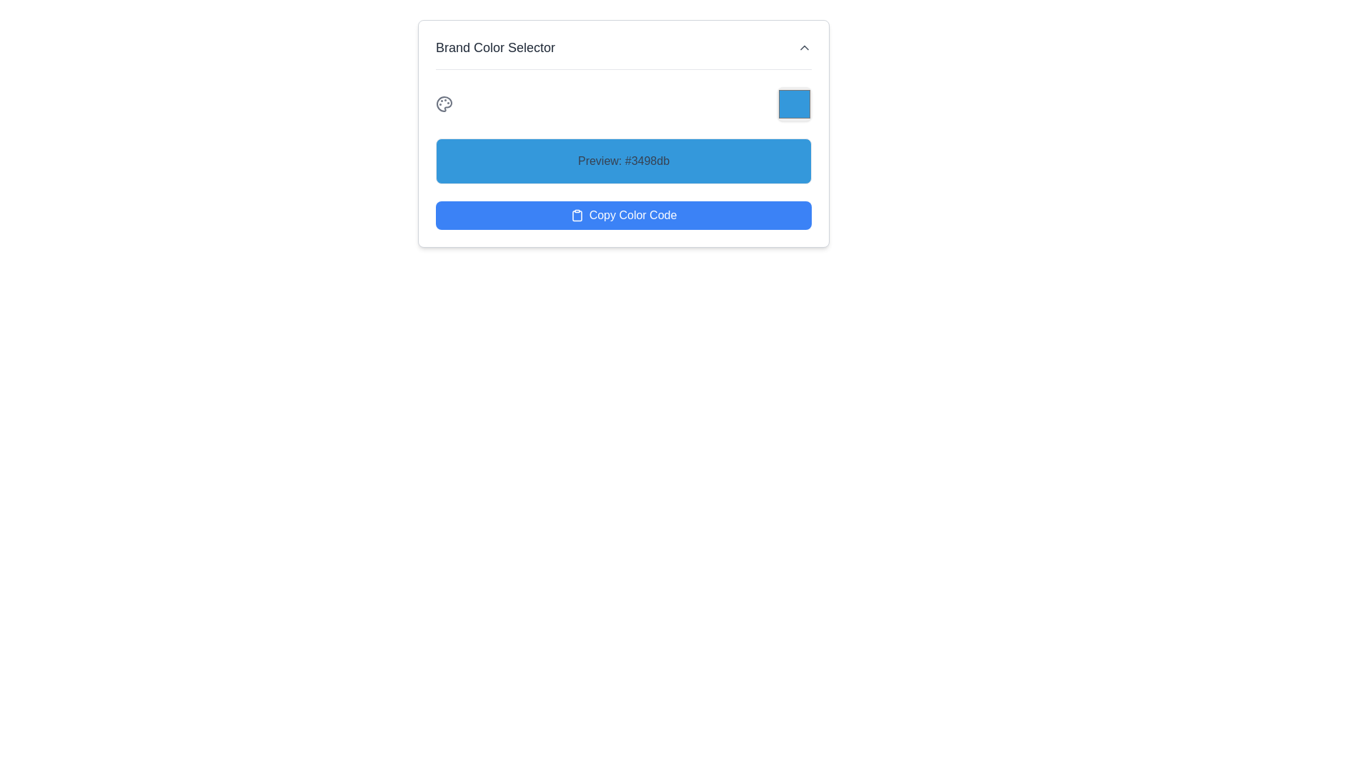  What do you see at coordinates (794, 104) in the screenshot?
I see `the square button with rounded corners and solid blue color (#3498db)` at bounding box center [794, 104].